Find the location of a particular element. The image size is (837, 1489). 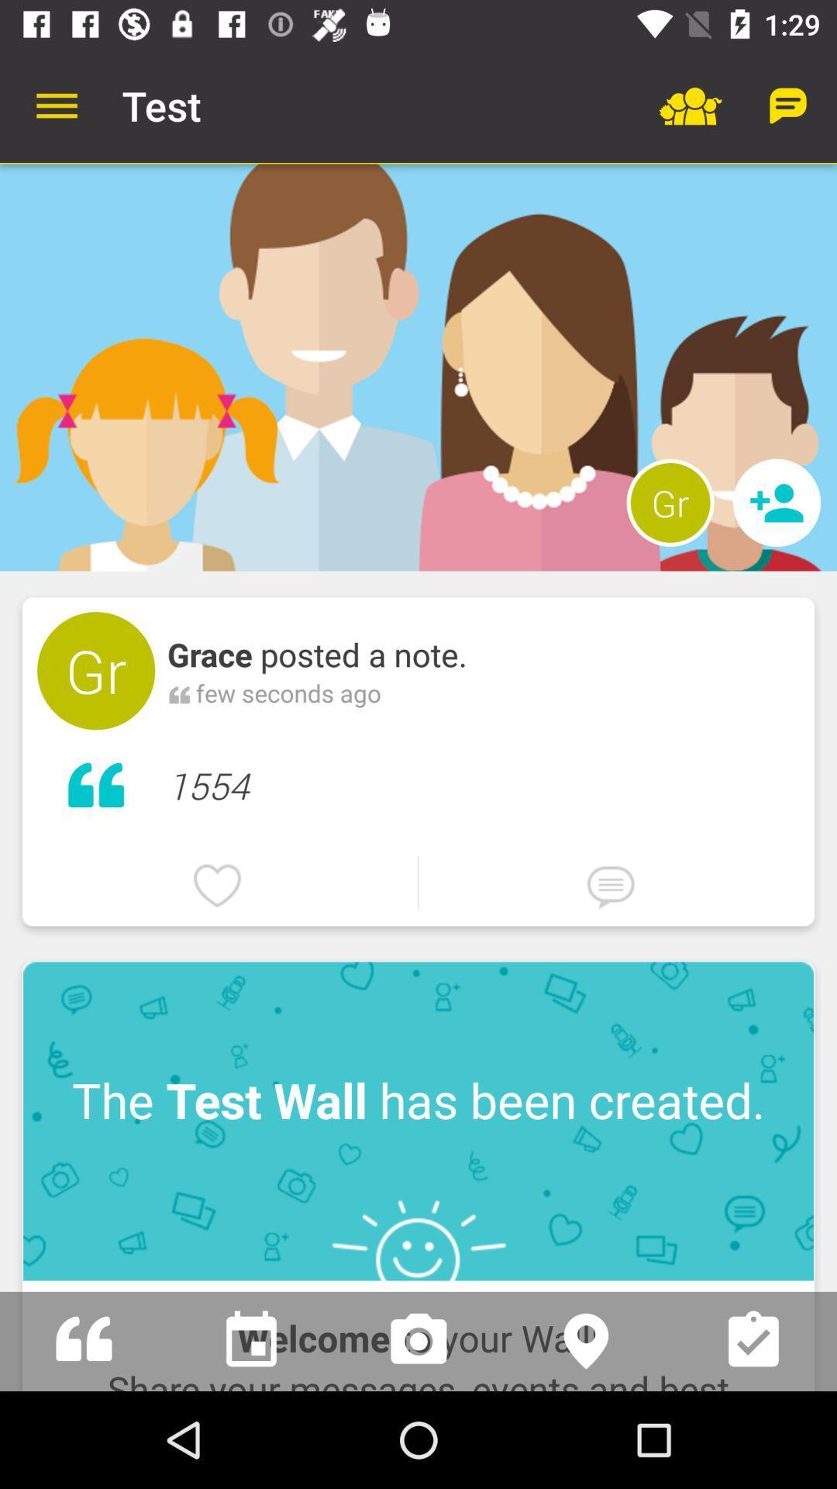

the the test wall item is located at coordinates (418, 1121).